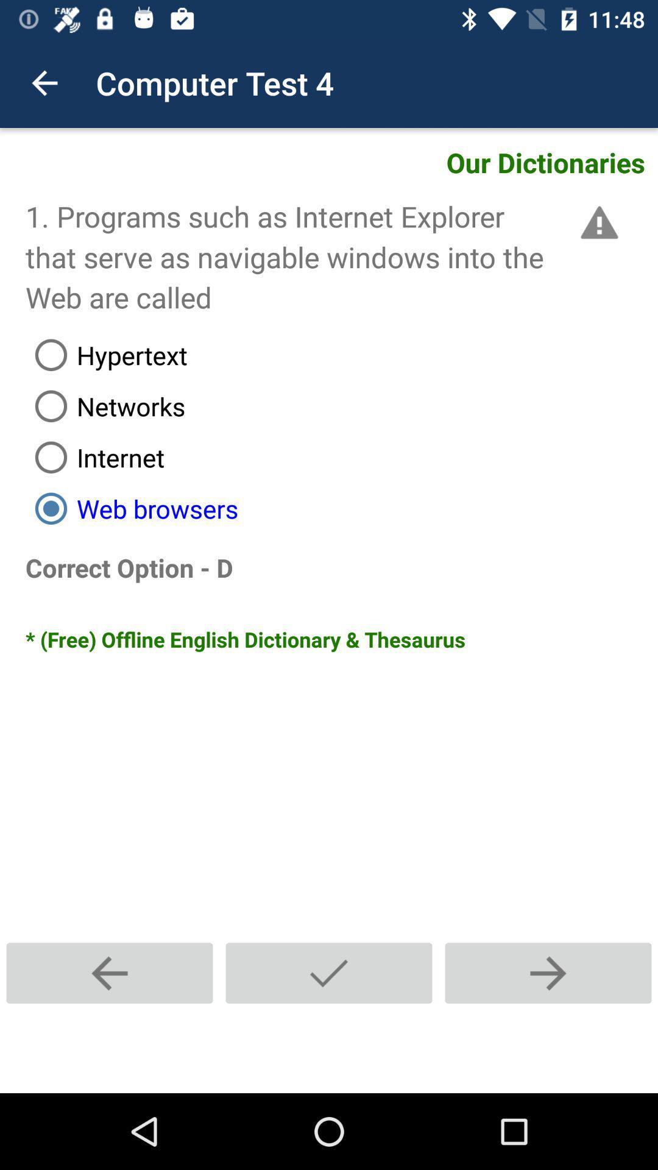 The width and height of the screenshot is (658, 1170). Describe the element at coordinates (329, 973) in the screenshot. I see `okay` at that location.